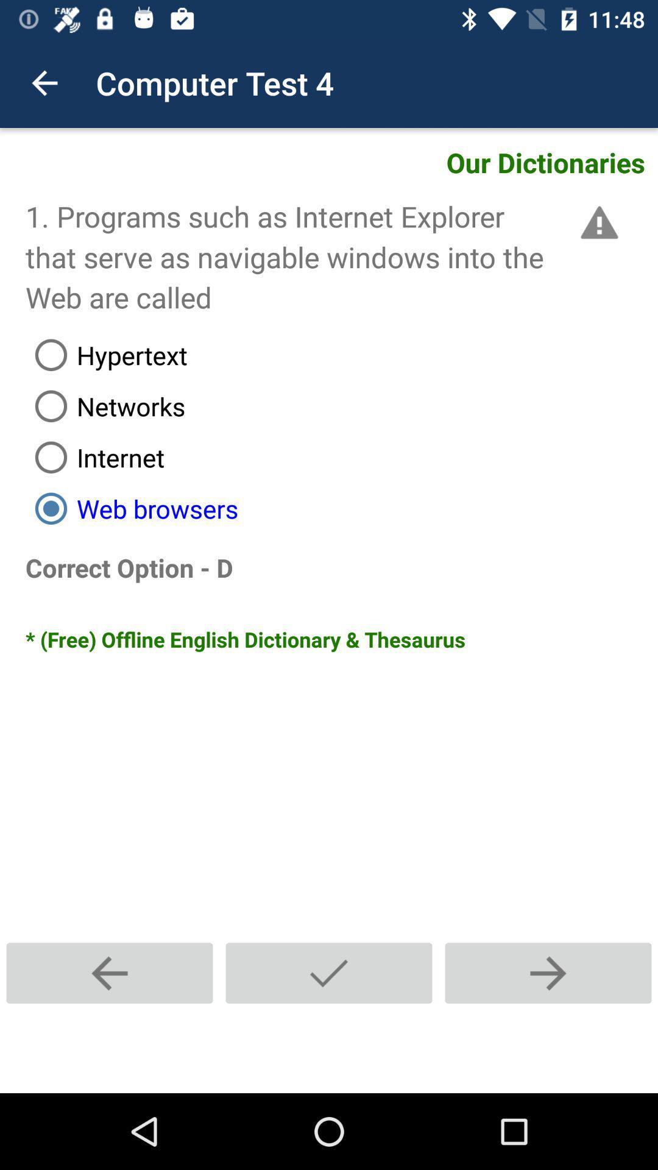 The width and height of the screenshot is (658, 1170). Describe the element at coordinates (329, 973) in the screenshot. I see `okay` at that location.